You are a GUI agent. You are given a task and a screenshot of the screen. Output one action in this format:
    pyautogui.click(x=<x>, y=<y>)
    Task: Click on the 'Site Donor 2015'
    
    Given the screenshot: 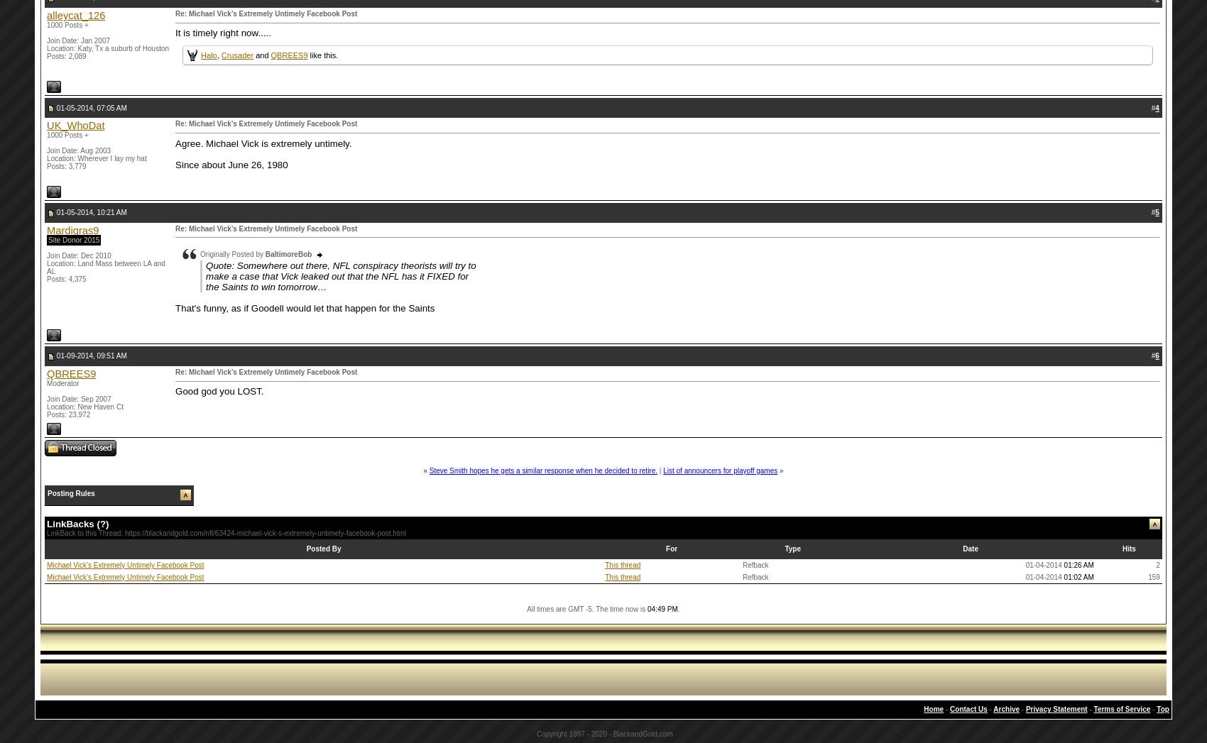 What is the action you would take?
    pyautogui.click(x=74, y=239)
    